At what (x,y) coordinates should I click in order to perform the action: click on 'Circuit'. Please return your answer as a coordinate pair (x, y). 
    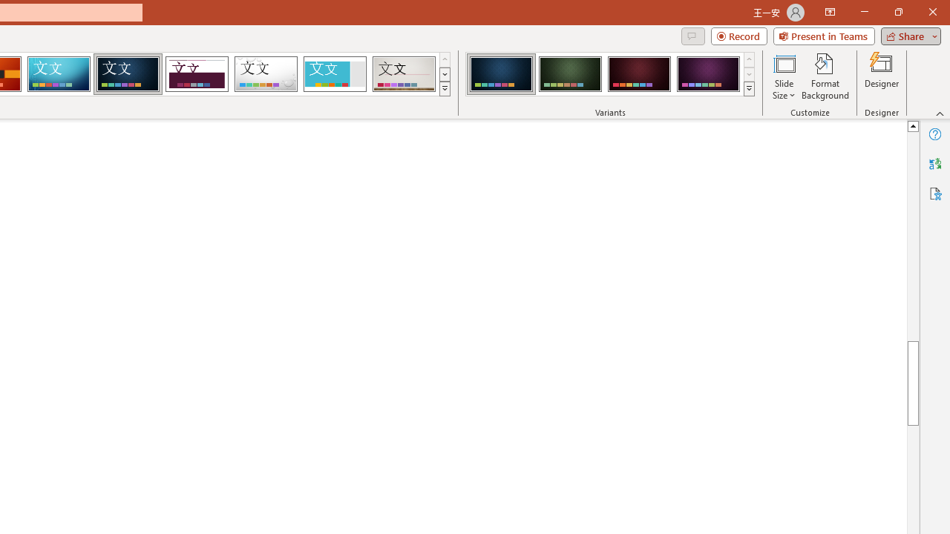
    Looking at the image, I should click on (59, 74).